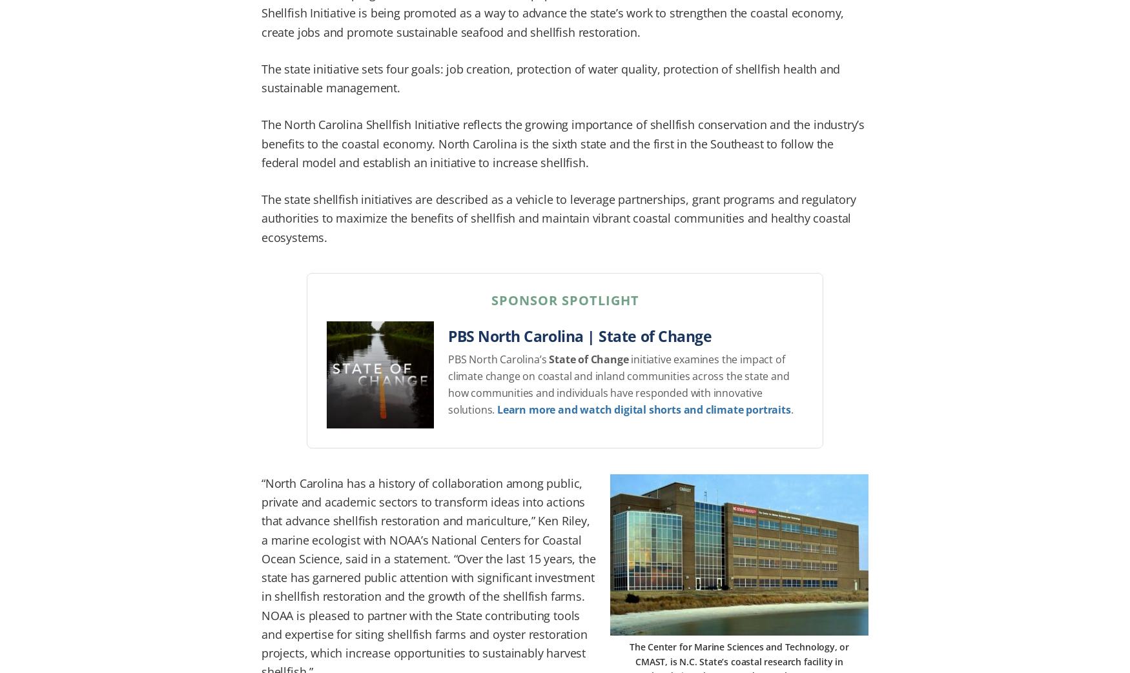  Describe the element at coordinates (790, 408) in the screenshot. I see `'.'` at that location.